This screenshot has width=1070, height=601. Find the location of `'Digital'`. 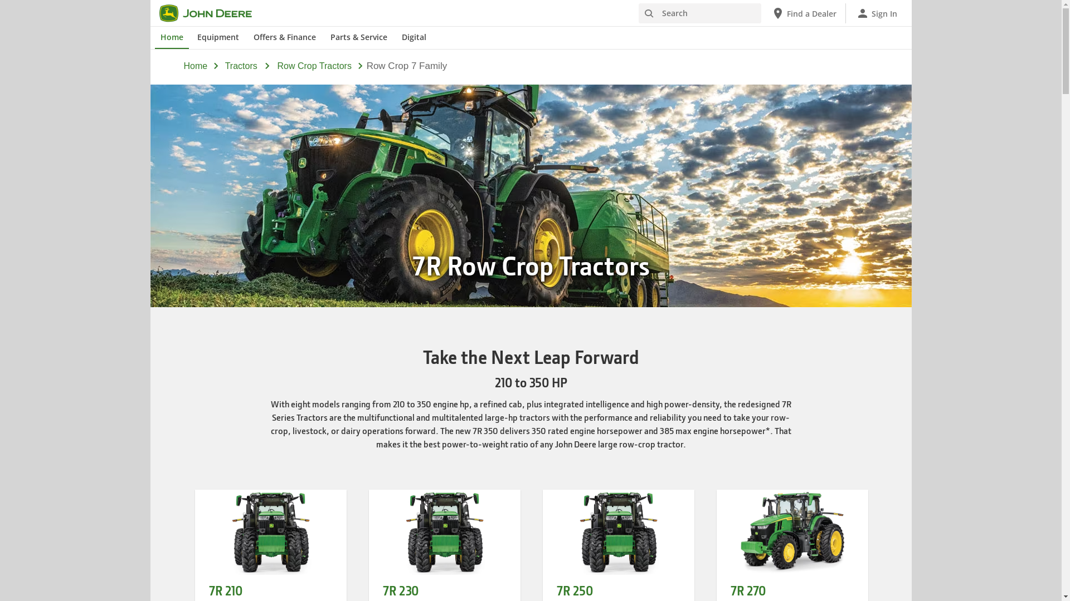

'Digital' is located at coordinates (414, 37).